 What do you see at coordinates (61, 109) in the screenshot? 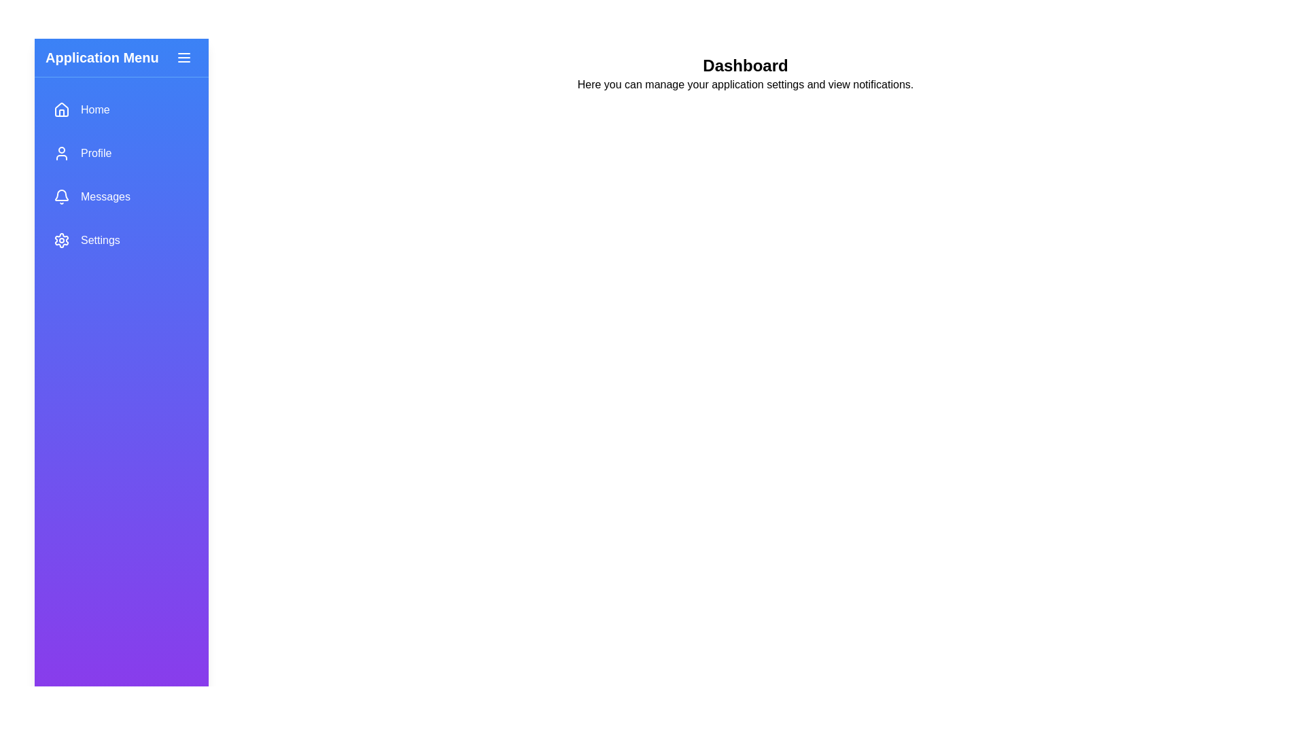
I see `the house-shaped icon in the blue gradient navigation menu` at bounding box center [61, 109].